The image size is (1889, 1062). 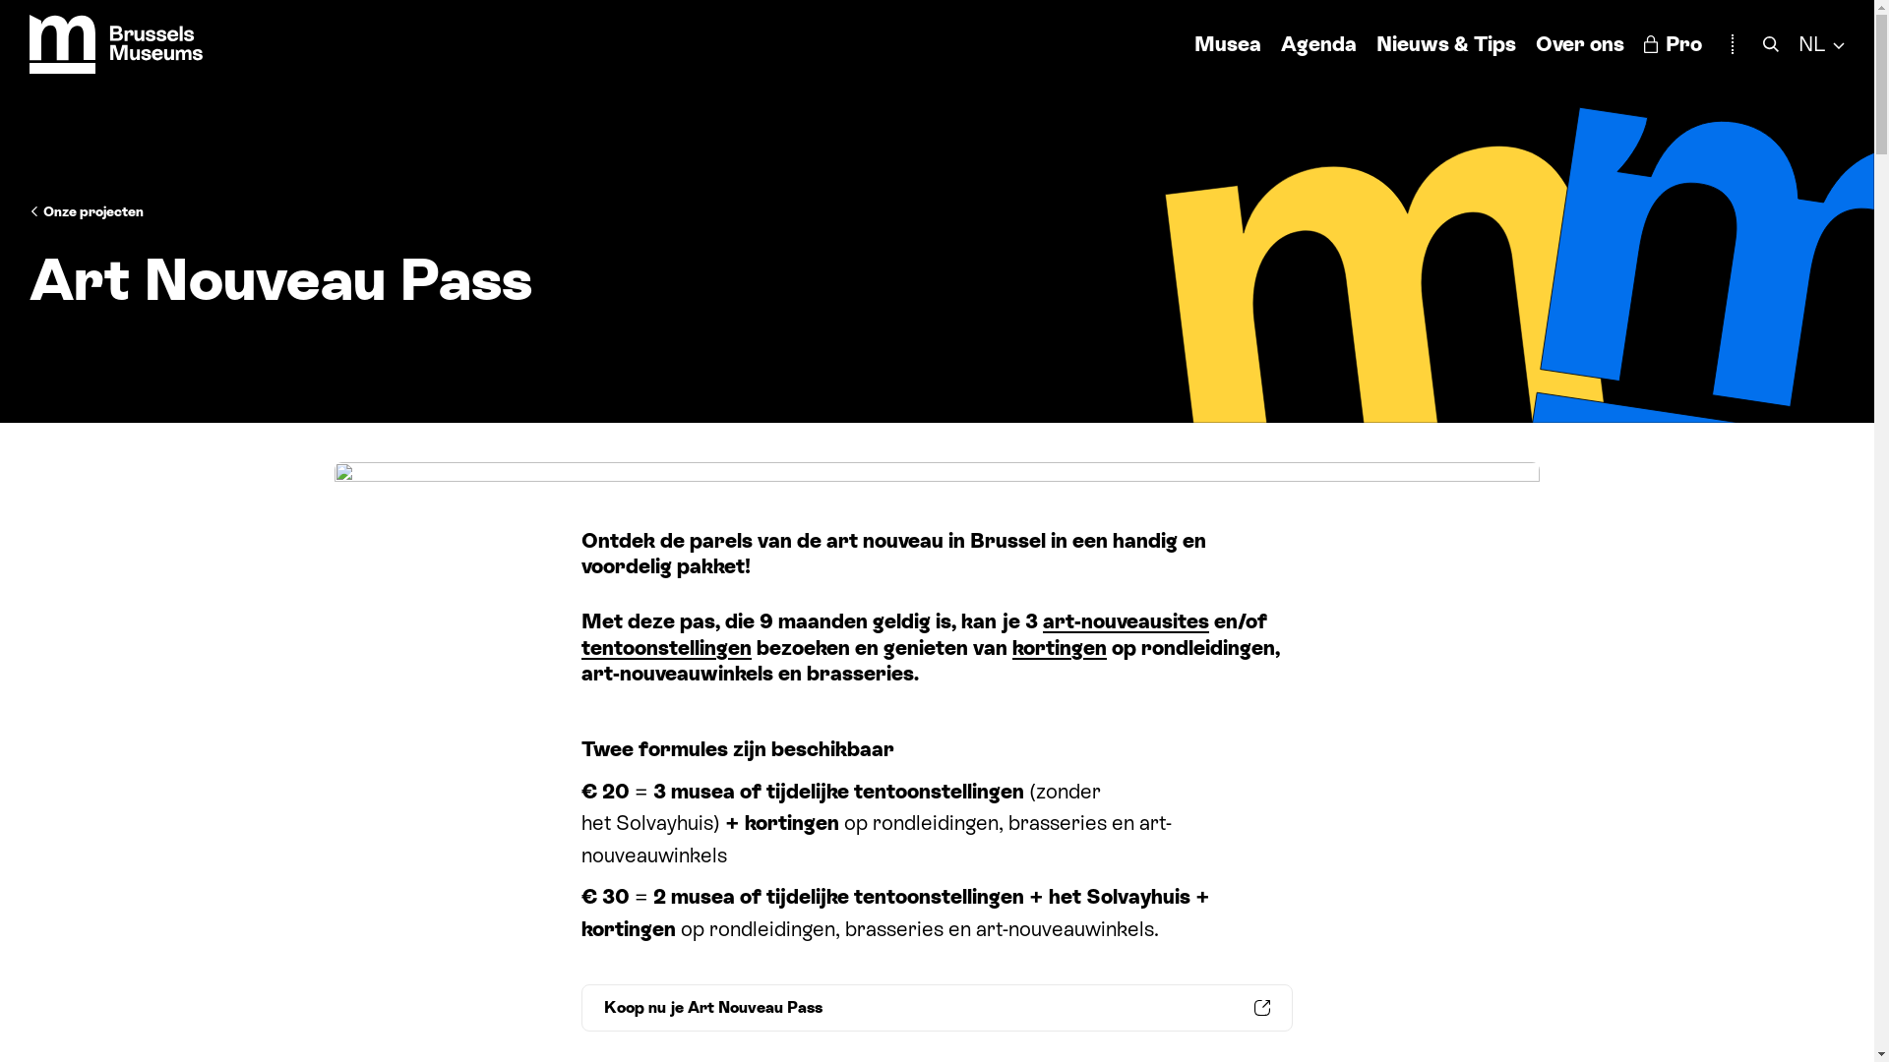 I want to click on 'Brussels Museums', so click(x=115, y=44).